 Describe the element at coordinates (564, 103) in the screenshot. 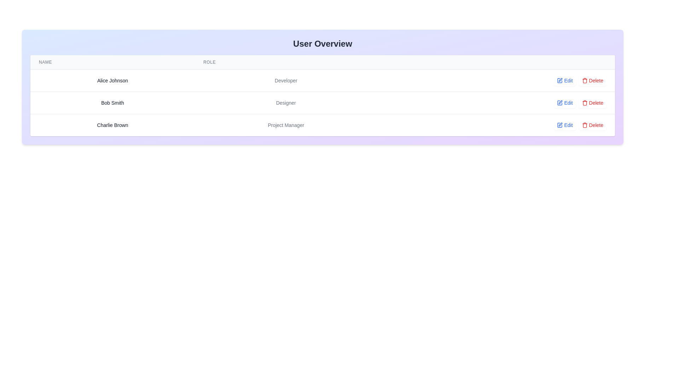

I see `the edit button located to the right of the 'Bob Smith' entry in the 'User Overview' table` at that location.